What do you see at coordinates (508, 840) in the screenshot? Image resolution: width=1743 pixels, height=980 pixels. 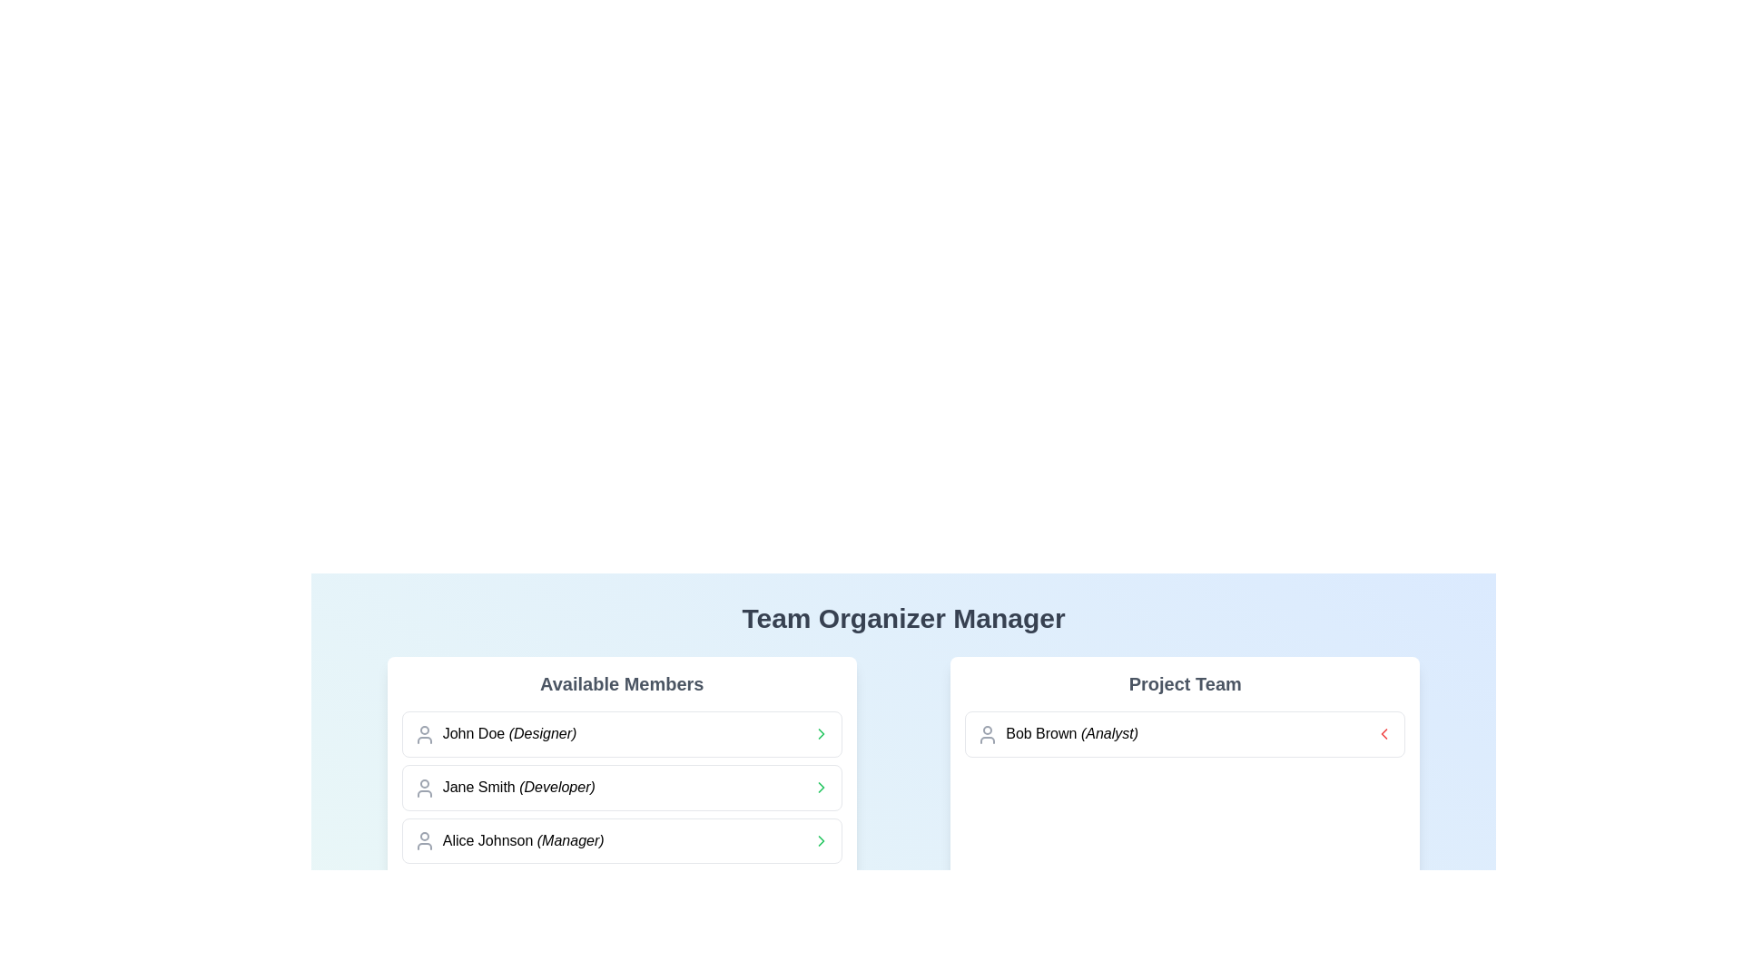 I see `the third static text component displaying the name and role of a team member in the 'Available Members' section, located between 'Jane Smith (Developer)' and the next item` at bounding box center [508, 840].